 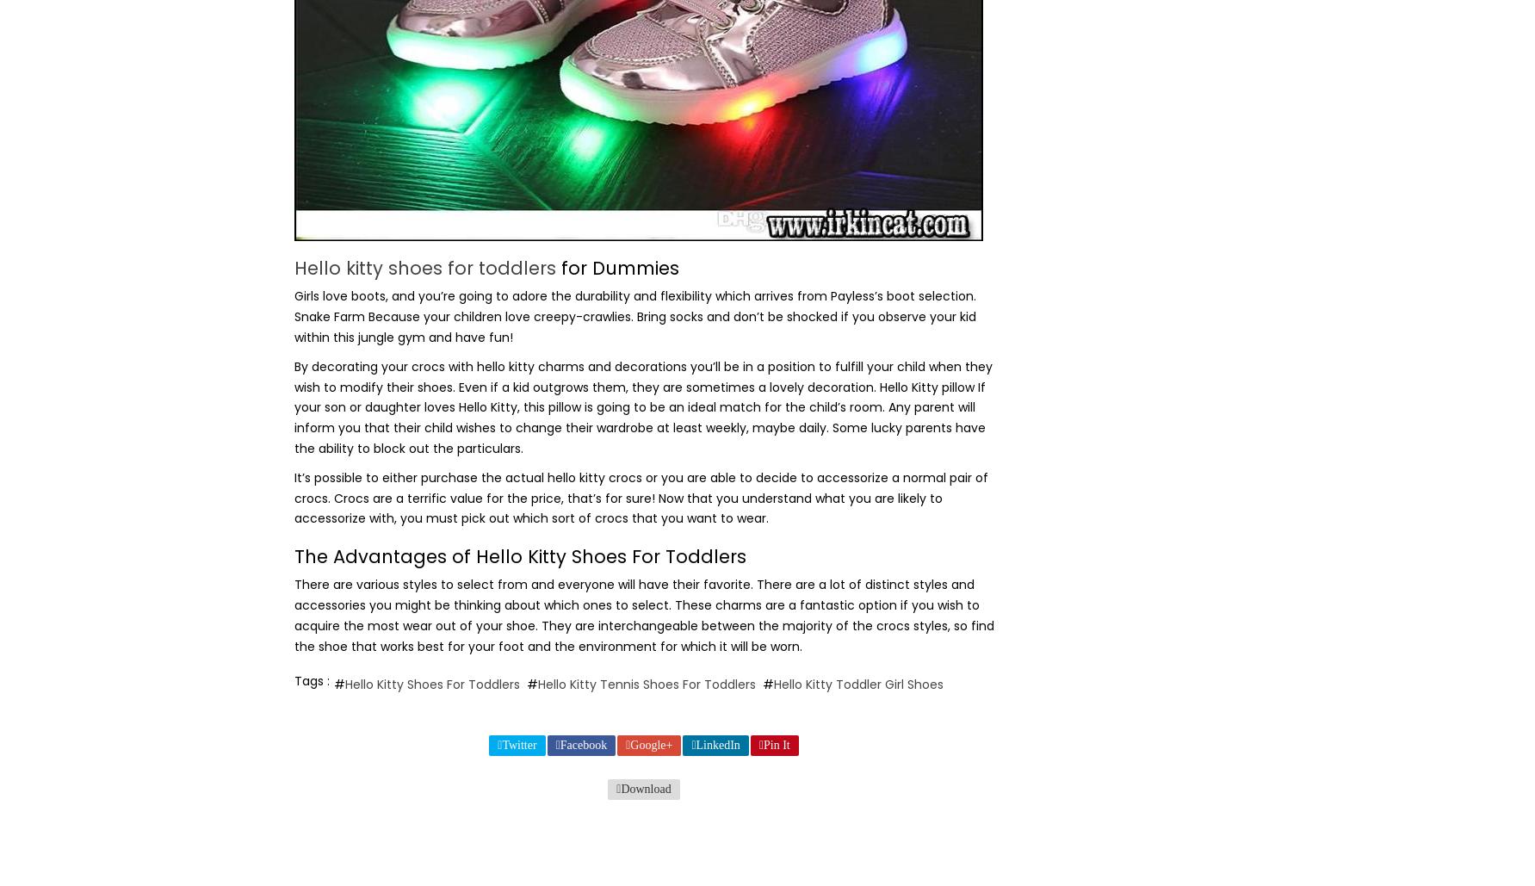 I want to click on 'Girls love boots, and you’re going to adore the durability and flexibility which arrives from Payless’s boot selection. Snake Farm Because your children love creepy-crawlies. Bring socks and don’t be shocked if you observe your kid within this jungle gym and have fun!', so click(x=633, y=316).